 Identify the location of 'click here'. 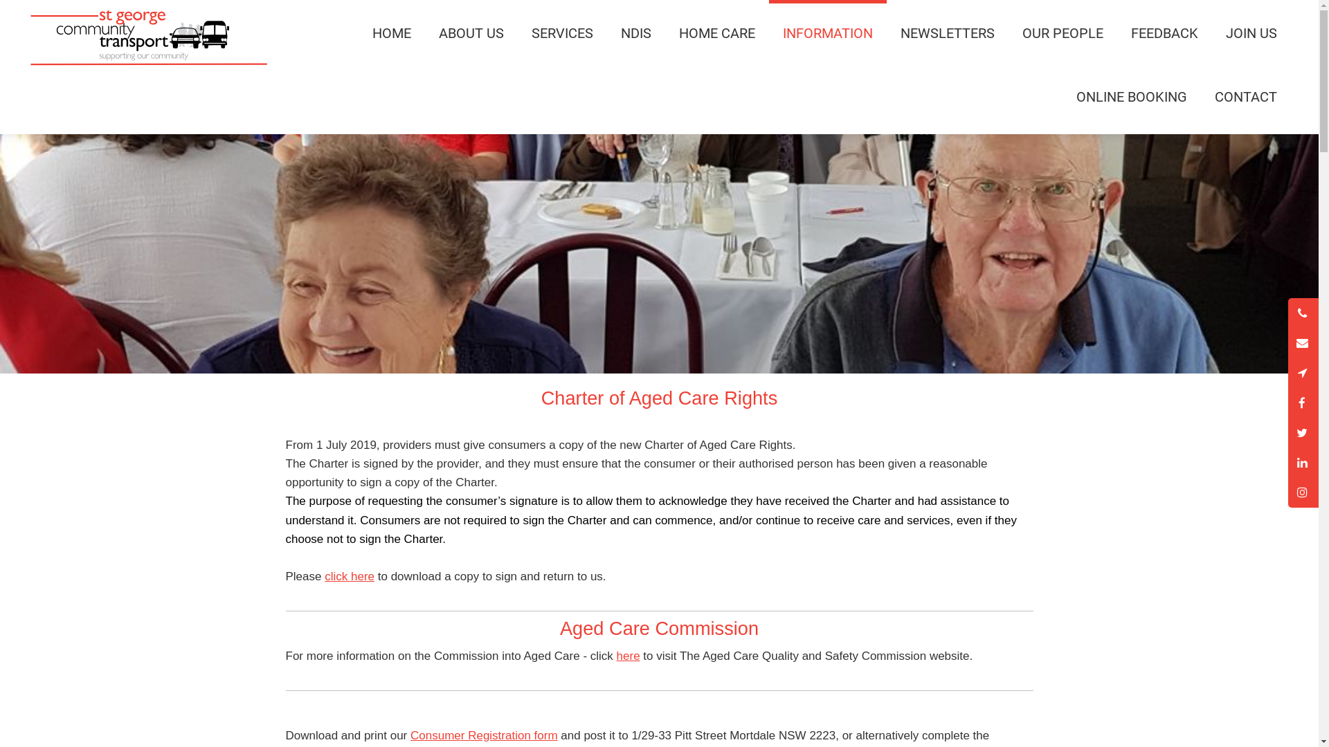
(349, 576).